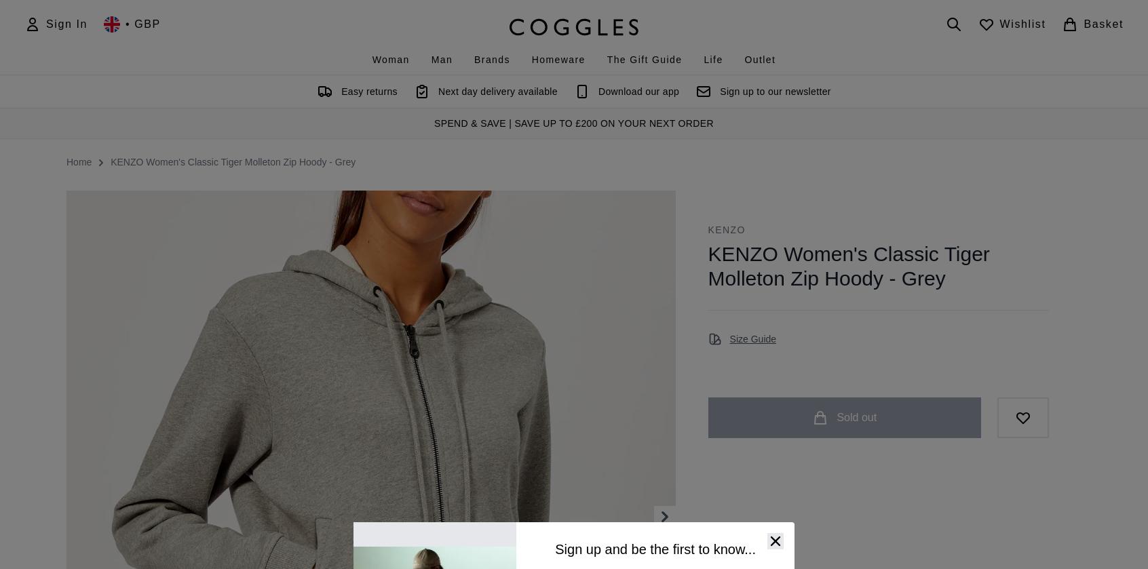  Describe the element at coordinates (1083, 24) in the screenshot. I see `'Basket'` at that location.